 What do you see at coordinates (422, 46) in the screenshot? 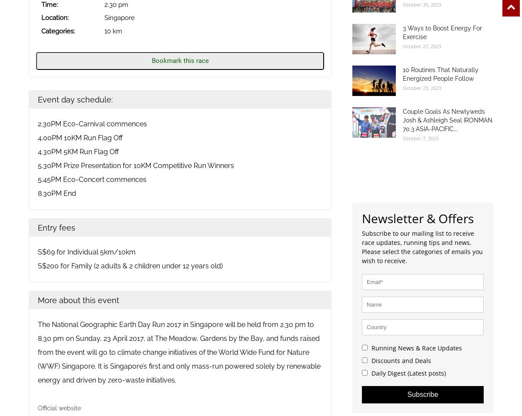
I see `'October 27, 2023'` at bounding box center [422, 46].